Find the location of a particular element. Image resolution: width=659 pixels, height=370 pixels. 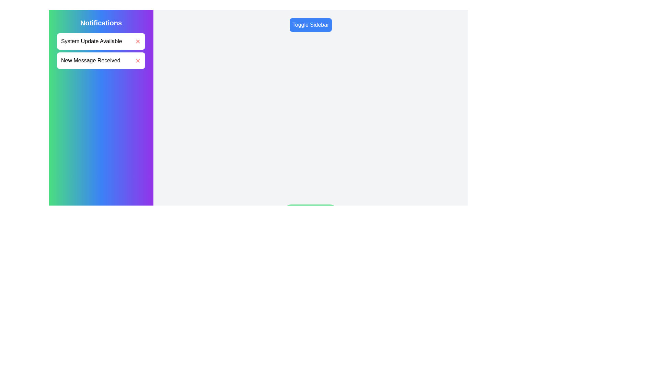

the Grouped notification cards located in the left sidebar beneath the 'Notifications' header is located at coordinates (101, 51).